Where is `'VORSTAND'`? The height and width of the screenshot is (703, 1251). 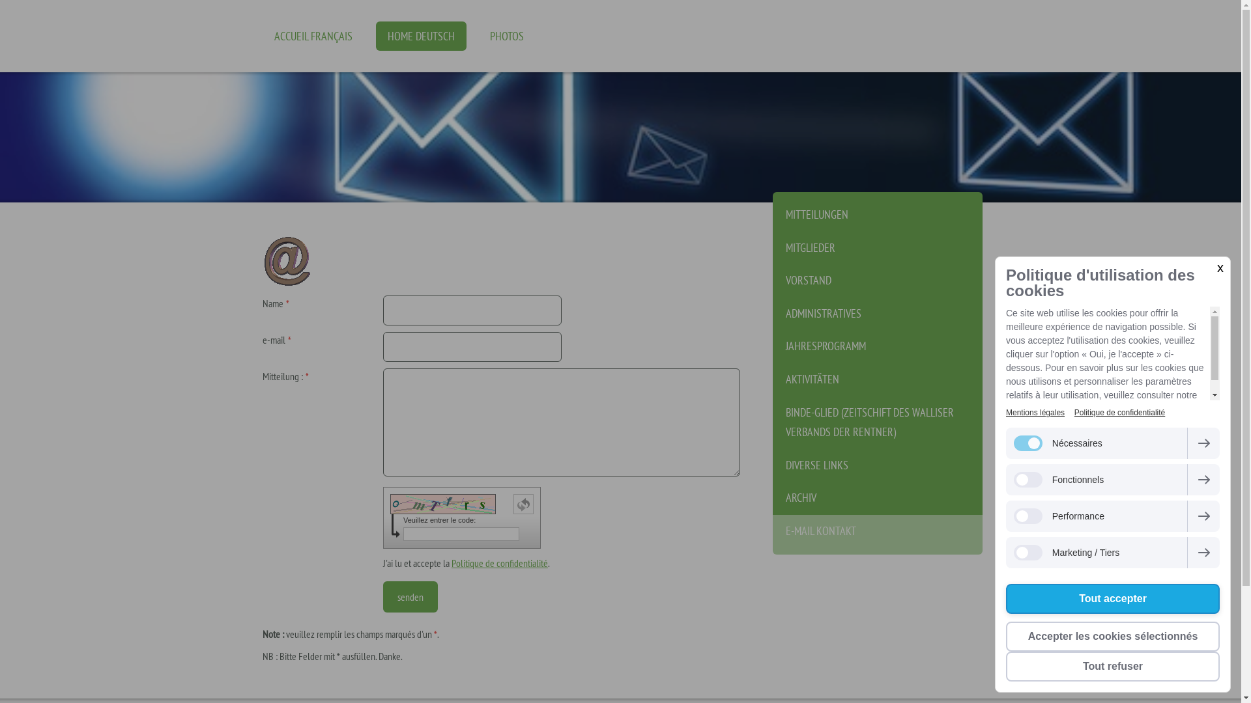 'VORSTAND' is located at coordinates (878, 280).